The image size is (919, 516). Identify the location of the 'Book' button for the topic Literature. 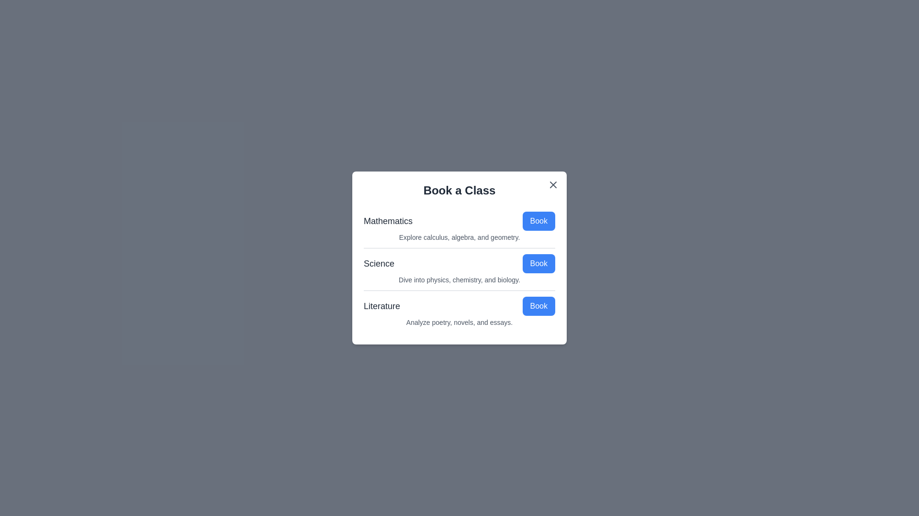
(538, 306).